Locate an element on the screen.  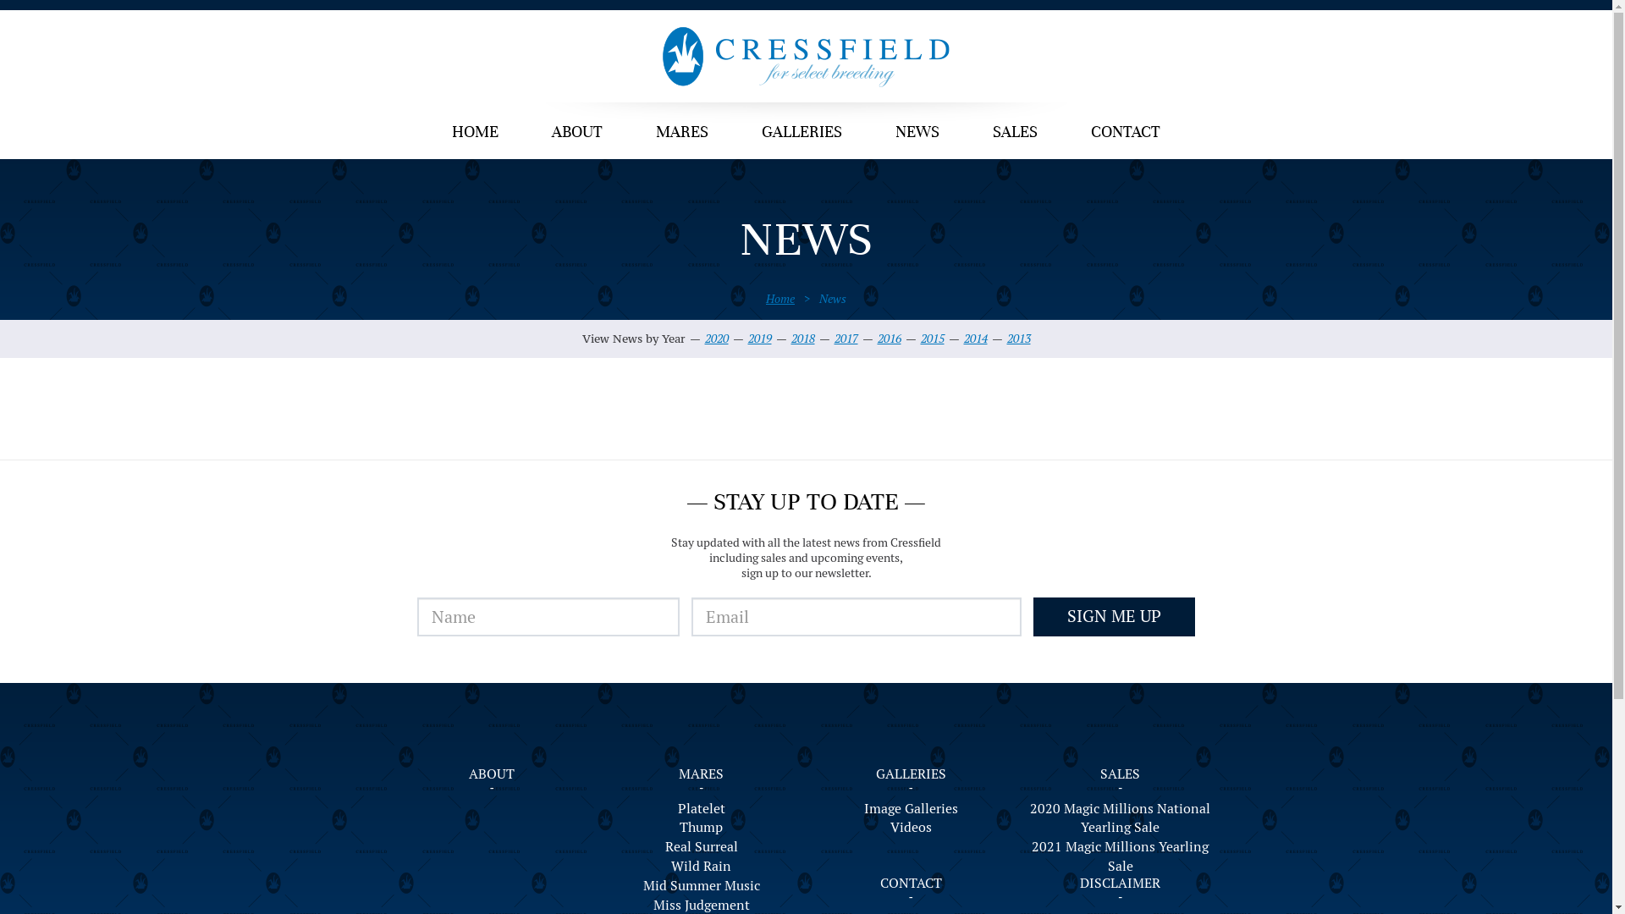
'HOME' is located at coordinates (474, 133).